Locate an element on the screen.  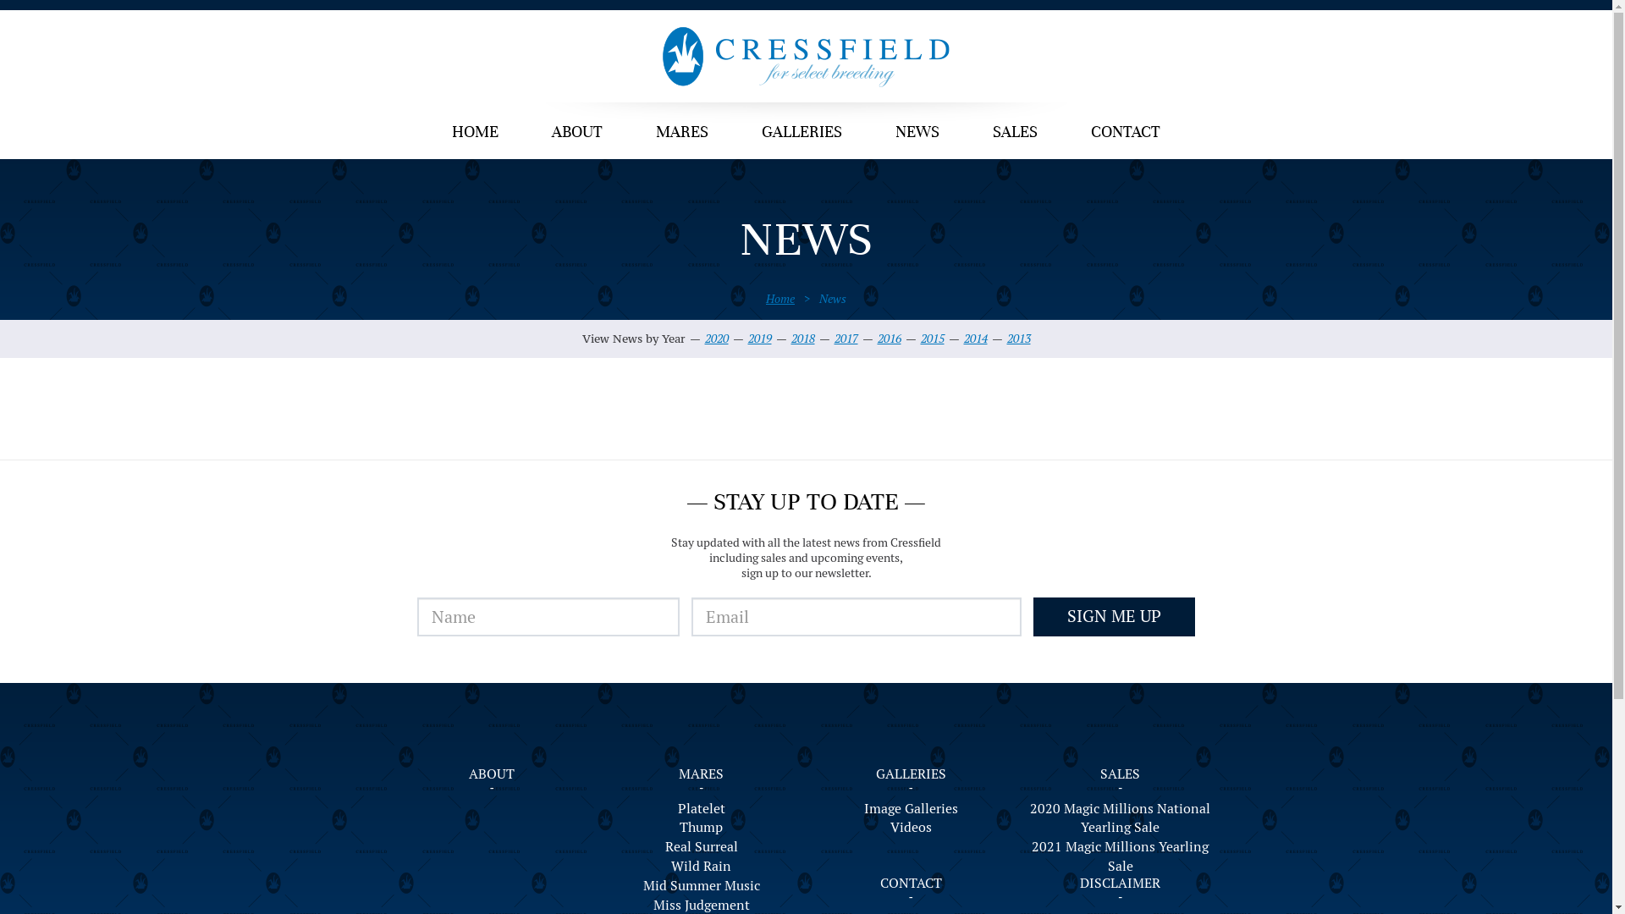
'HOME' is located at coordinates (474, 133).